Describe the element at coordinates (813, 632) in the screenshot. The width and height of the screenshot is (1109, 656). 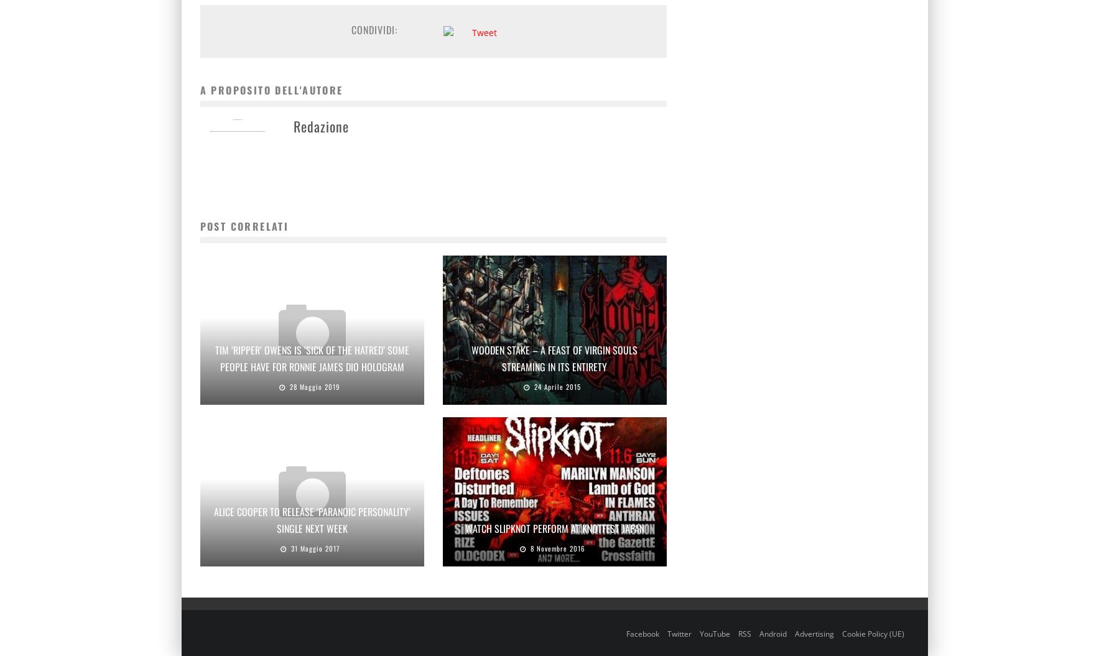
I see `'Advertising'` at that location.